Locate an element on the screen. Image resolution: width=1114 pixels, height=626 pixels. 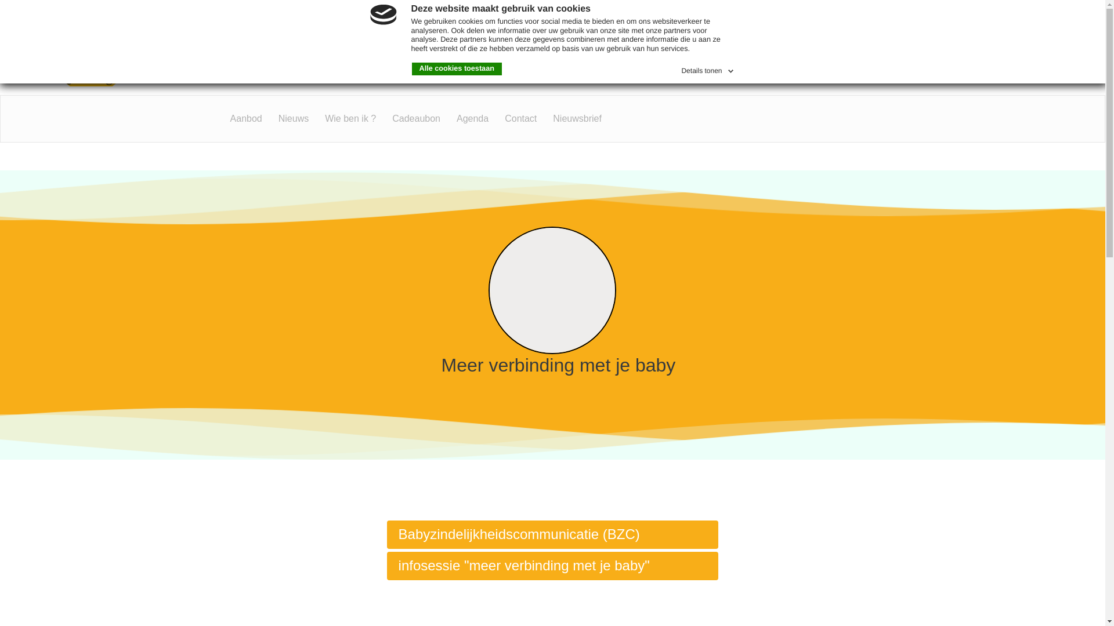
'Details tonen' is located at coordinates (681, 69).